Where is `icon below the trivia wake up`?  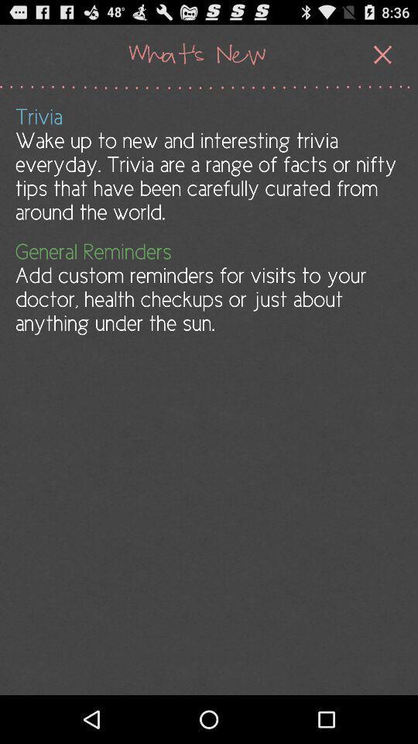 icon below the trivia wake up is located at coordinates (207, 287).